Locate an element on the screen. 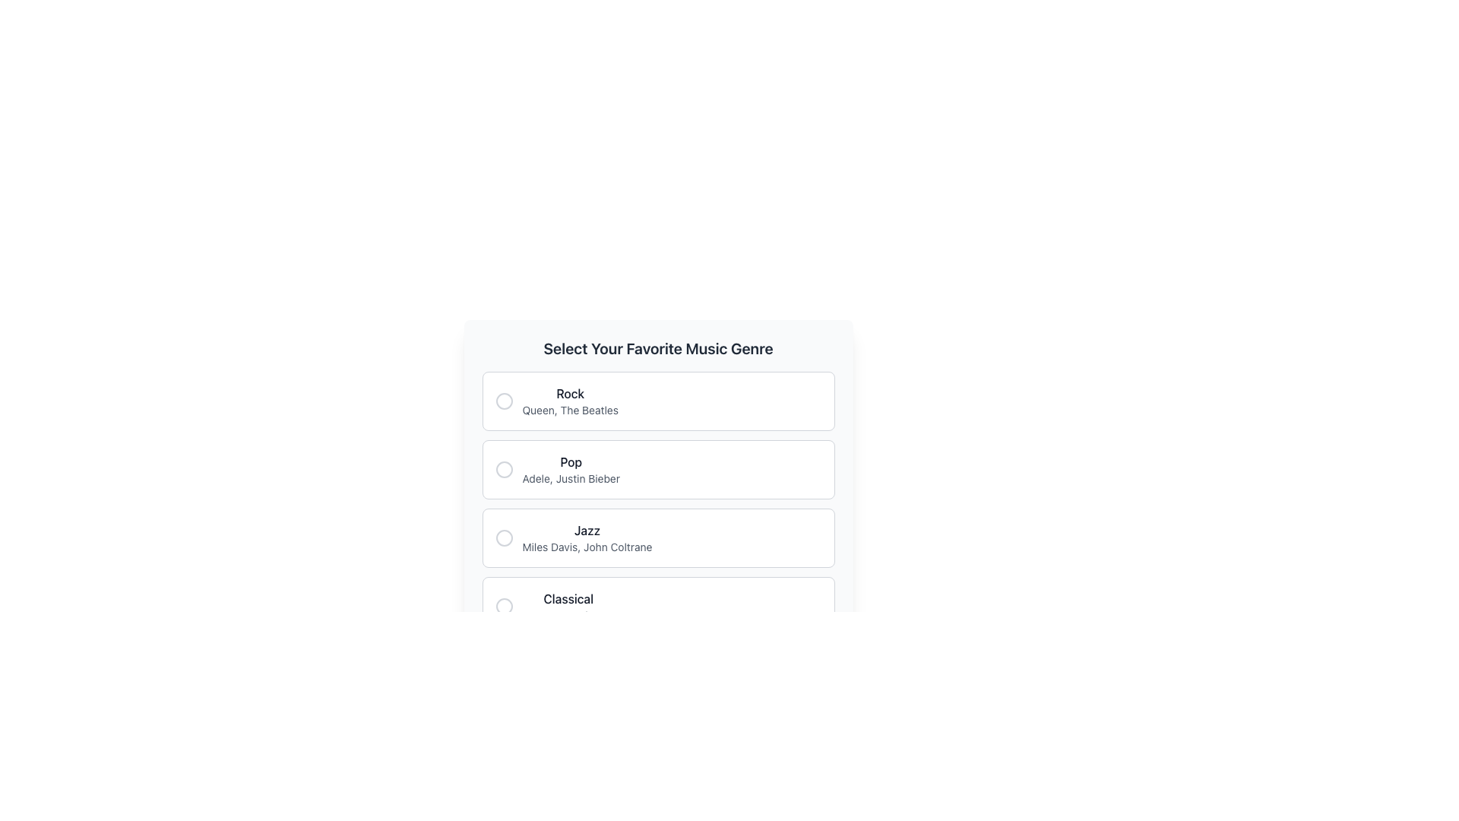 The height and width of the screenshot is (821, 1459). the 'Jazz' radio button in the third position of the selectable list under 'Select Your Favorite Music Genre' is located at coordinates (572, 537).